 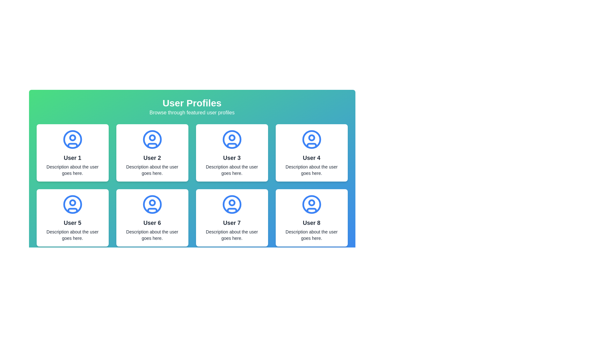 What do you see at coordinates (231, 137) in the screenshot?
I see `the smaller inner circle of the 'User 3' profile icon, which is a graphical SVG component` at bounding box center [231, 137].